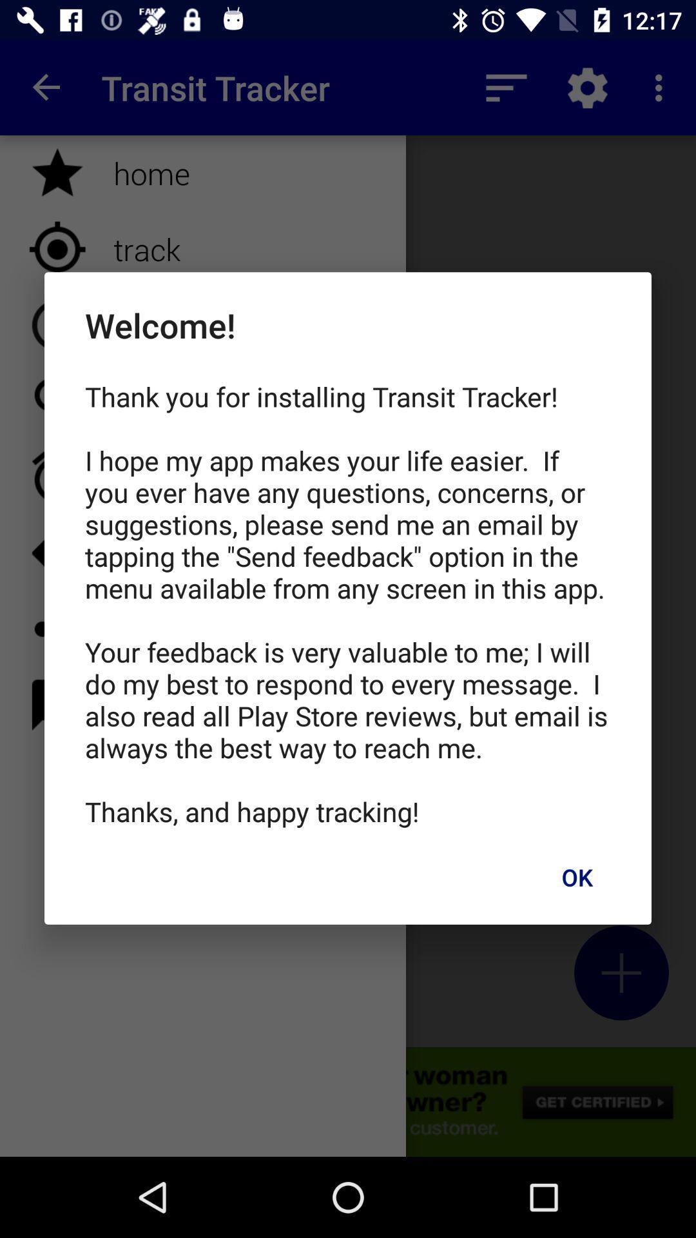 The width and height of the screenshot is (696, 1238). I want to click on the ok button, so click(576, 877).